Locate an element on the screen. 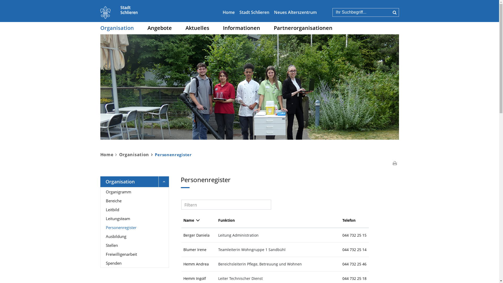  'Informationen' is located at coordinates (241, 28).